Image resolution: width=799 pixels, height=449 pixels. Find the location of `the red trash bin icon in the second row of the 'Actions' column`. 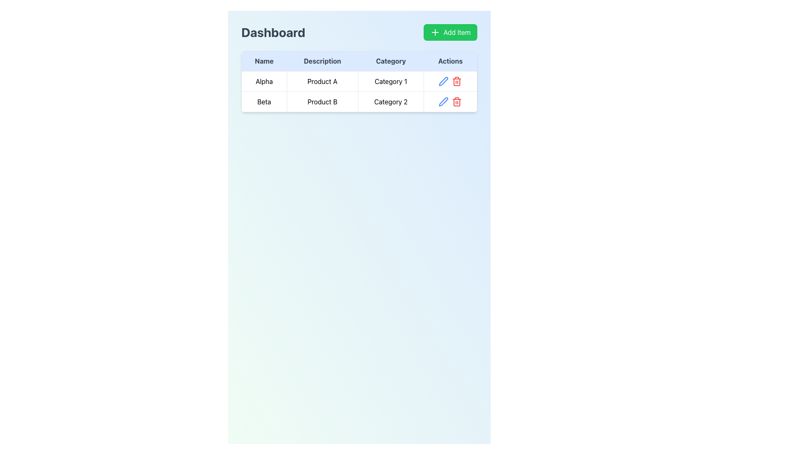

the red trash bin icon in the second row of the 'Actions' column is located at coordinates (457, 101).